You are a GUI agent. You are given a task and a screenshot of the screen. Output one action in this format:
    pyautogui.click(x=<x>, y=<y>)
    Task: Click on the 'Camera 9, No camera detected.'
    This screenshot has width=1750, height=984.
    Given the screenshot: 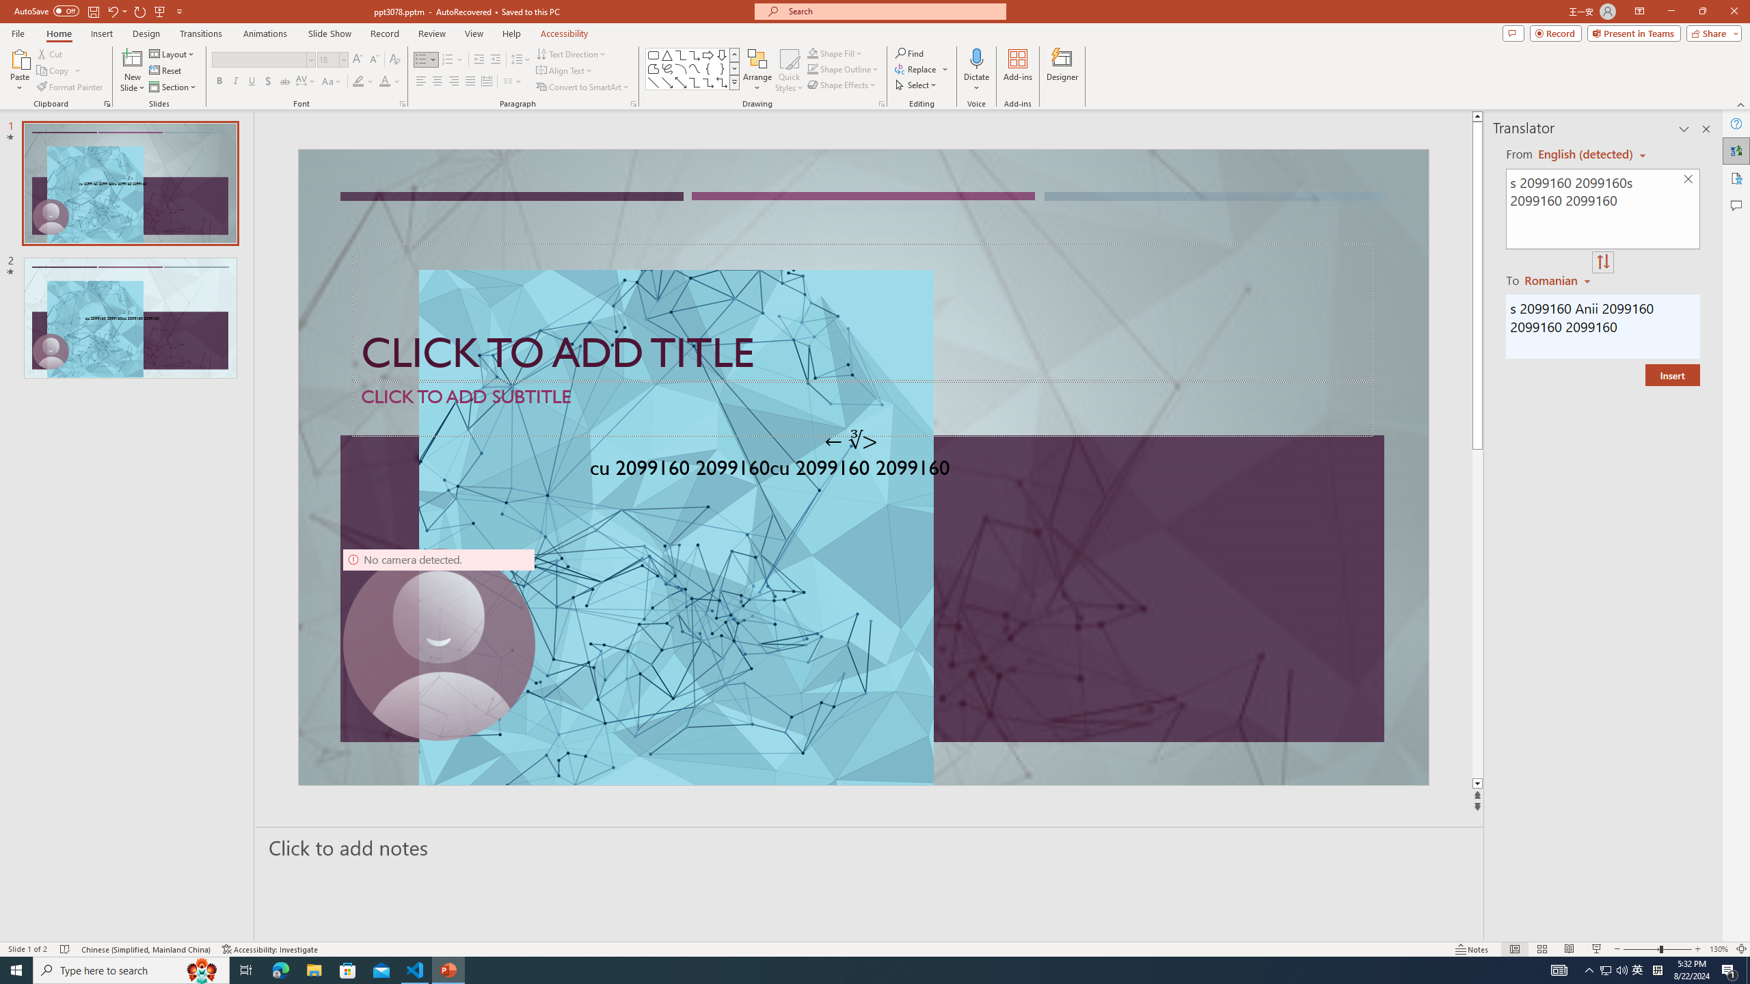 What is the action you would take?
    pyautogui.click(x=437, y=644)
    